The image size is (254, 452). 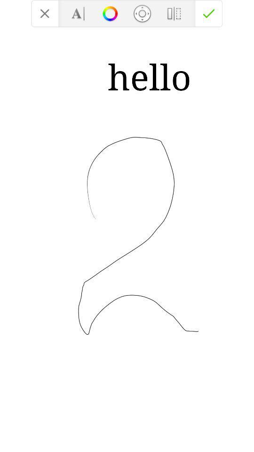 What do you see at coordinates (110, 13) in the screenshot?
I see `color select` at bounding box center [110, 13].